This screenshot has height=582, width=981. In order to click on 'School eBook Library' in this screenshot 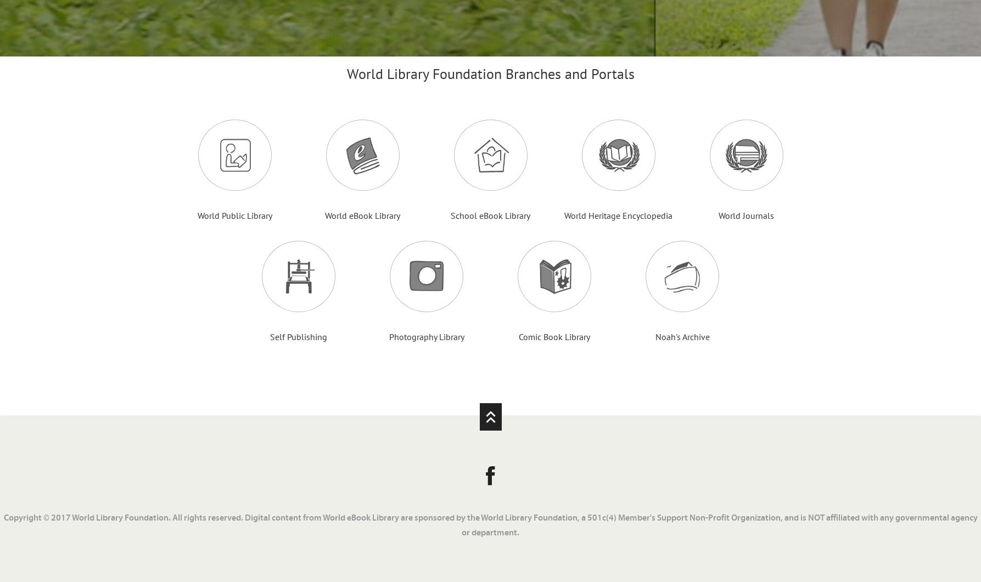, I will do `click(490, 215)`.